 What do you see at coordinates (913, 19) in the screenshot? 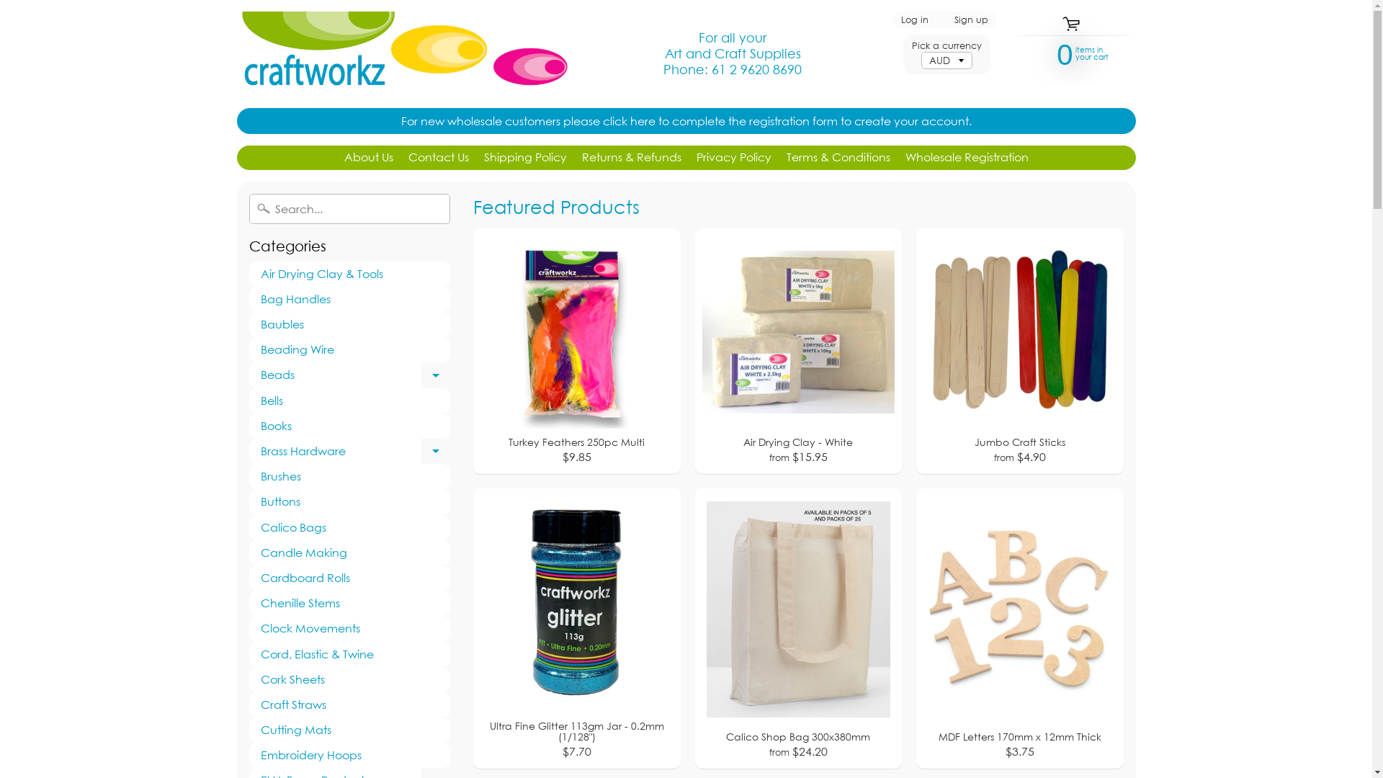
I see `'Log in'` at bounding box center [913, 19].